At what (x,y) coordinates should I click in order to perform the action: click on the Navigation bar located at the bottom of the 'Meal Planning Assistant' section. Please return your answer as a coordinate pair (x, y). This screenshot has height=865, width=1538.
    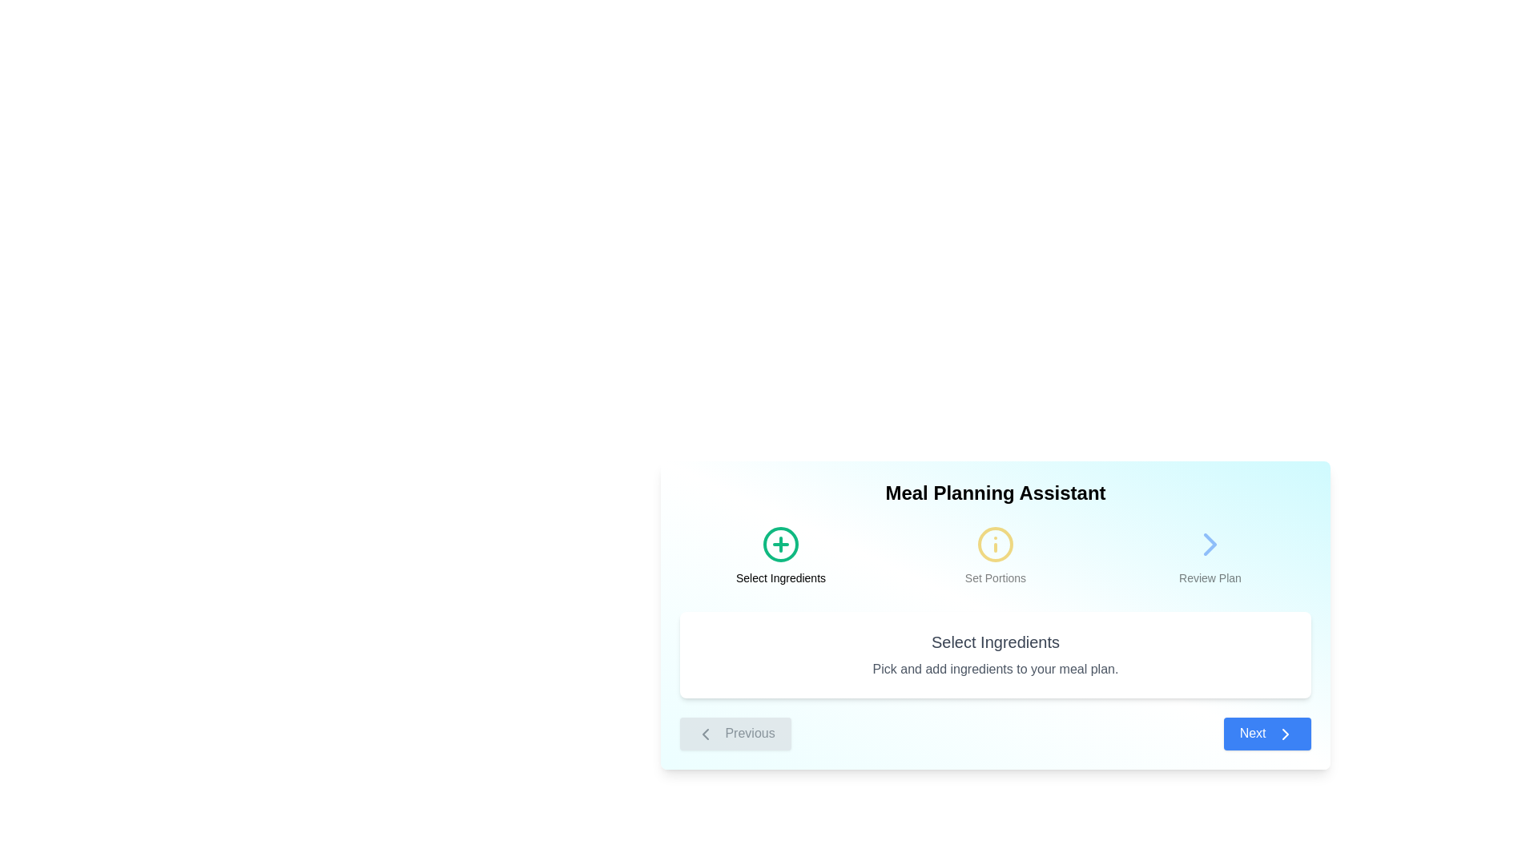
    Looking at the image, I should click on (995, 733).